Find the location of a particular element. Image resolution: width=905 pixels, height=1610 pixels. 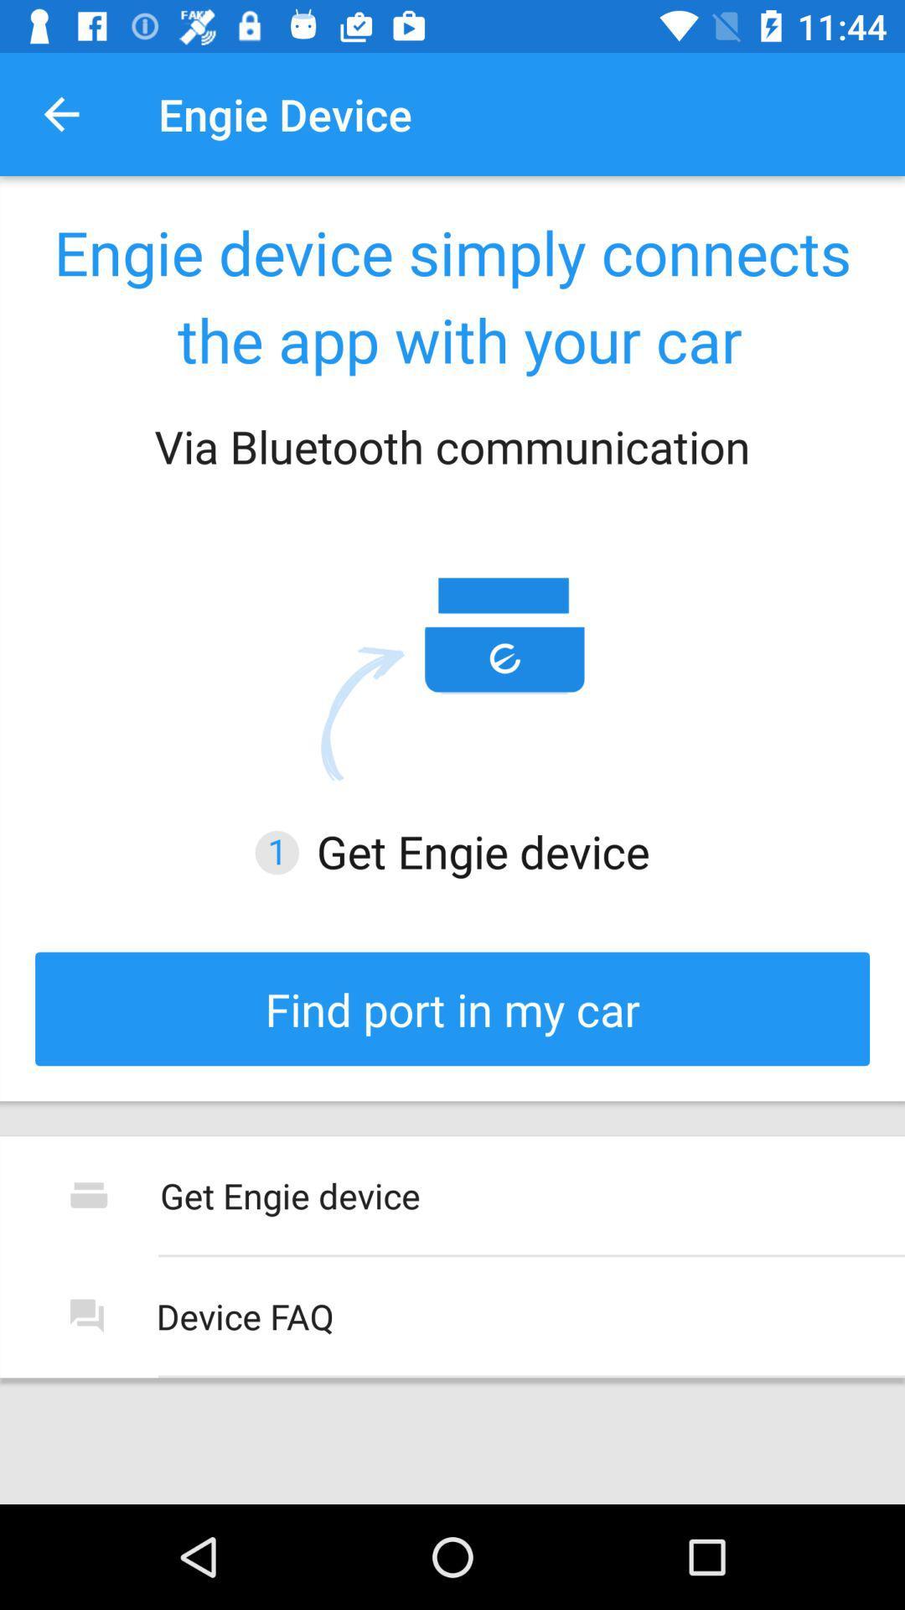

the item to the left of the engie device item is located at coordinates (60, 113).